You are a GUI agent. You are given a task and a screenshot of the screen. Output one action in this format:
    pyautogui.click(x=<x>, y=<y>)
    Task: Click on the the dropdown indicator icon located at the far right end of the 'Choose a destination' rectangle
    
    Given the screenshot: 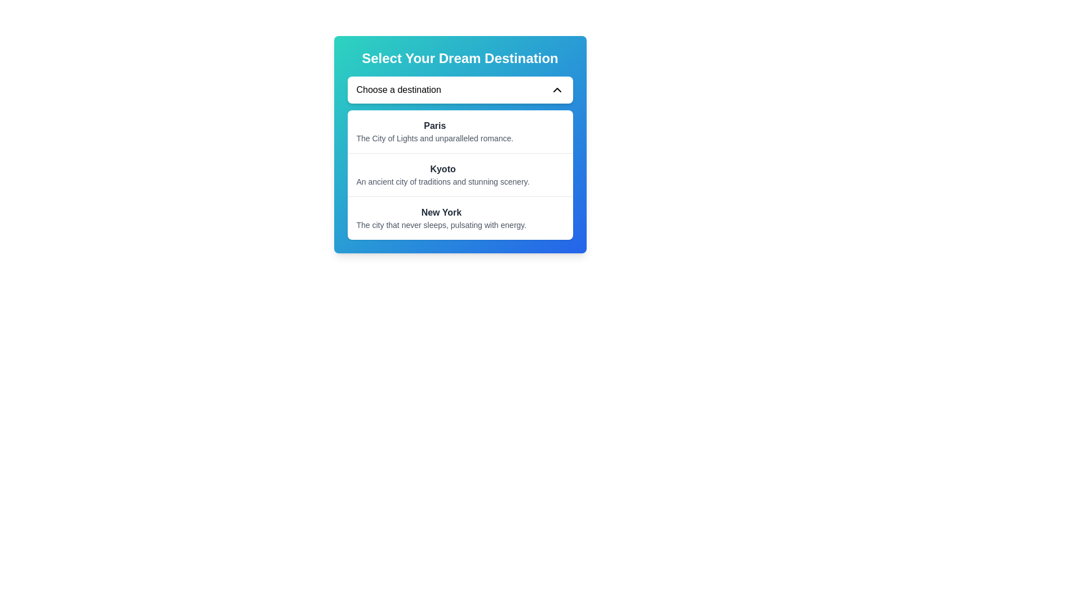 What is the action you would take?
    pyautogui.click(x=557, y=89)
    